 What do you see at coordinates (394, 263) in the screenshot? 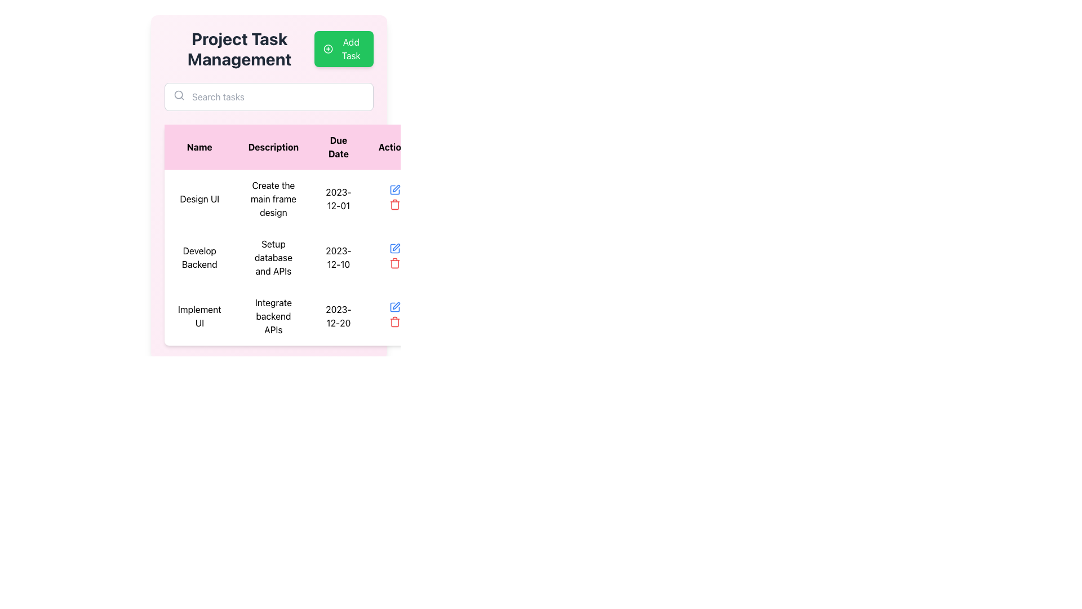
I see `the Trash icon located in the 'Actions' column of the task table, aligned with the 'Develop Backend' row` at bounding box center [394, 263].